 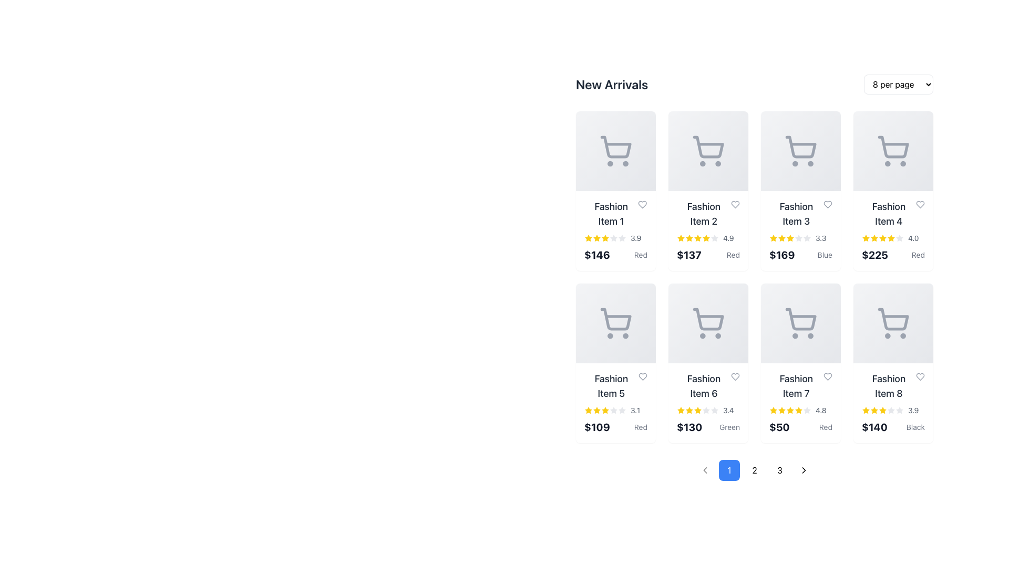 What do you see at coordinates (681, 238) in the screenshot?
I see `the state of the first star-shaped icon in the five-star rating system below the 'Fashion Item 2' product card, which is brightly colored yellow, indicating a selected or filled rating state` at bounding box center [681, 238].